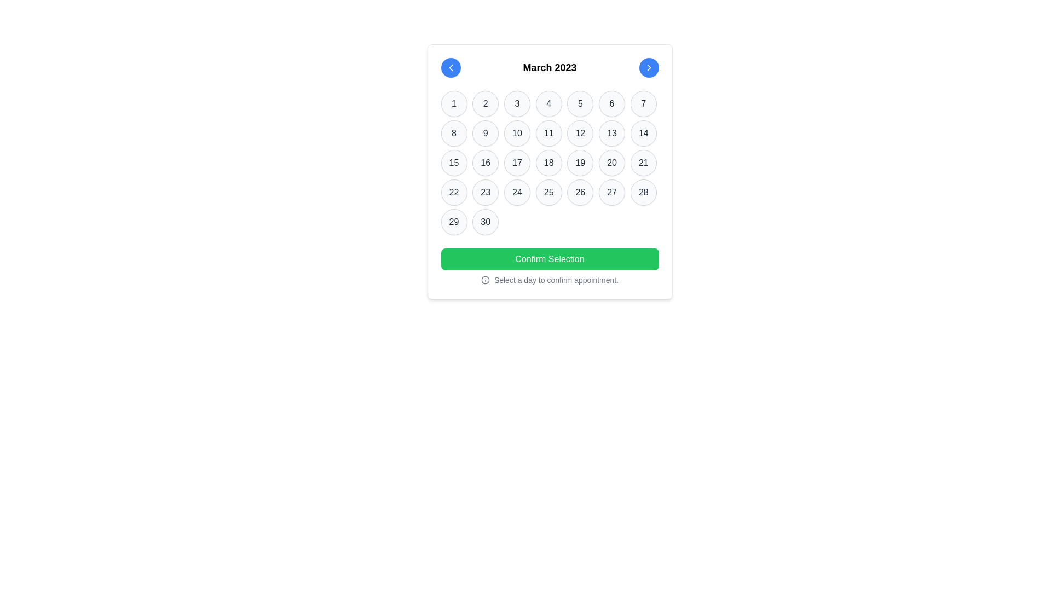 This screenshot has width=1051, height=591. I want to click on the first date button in the calendar, which is located at the top left of the grid layout, so click(454, 103).